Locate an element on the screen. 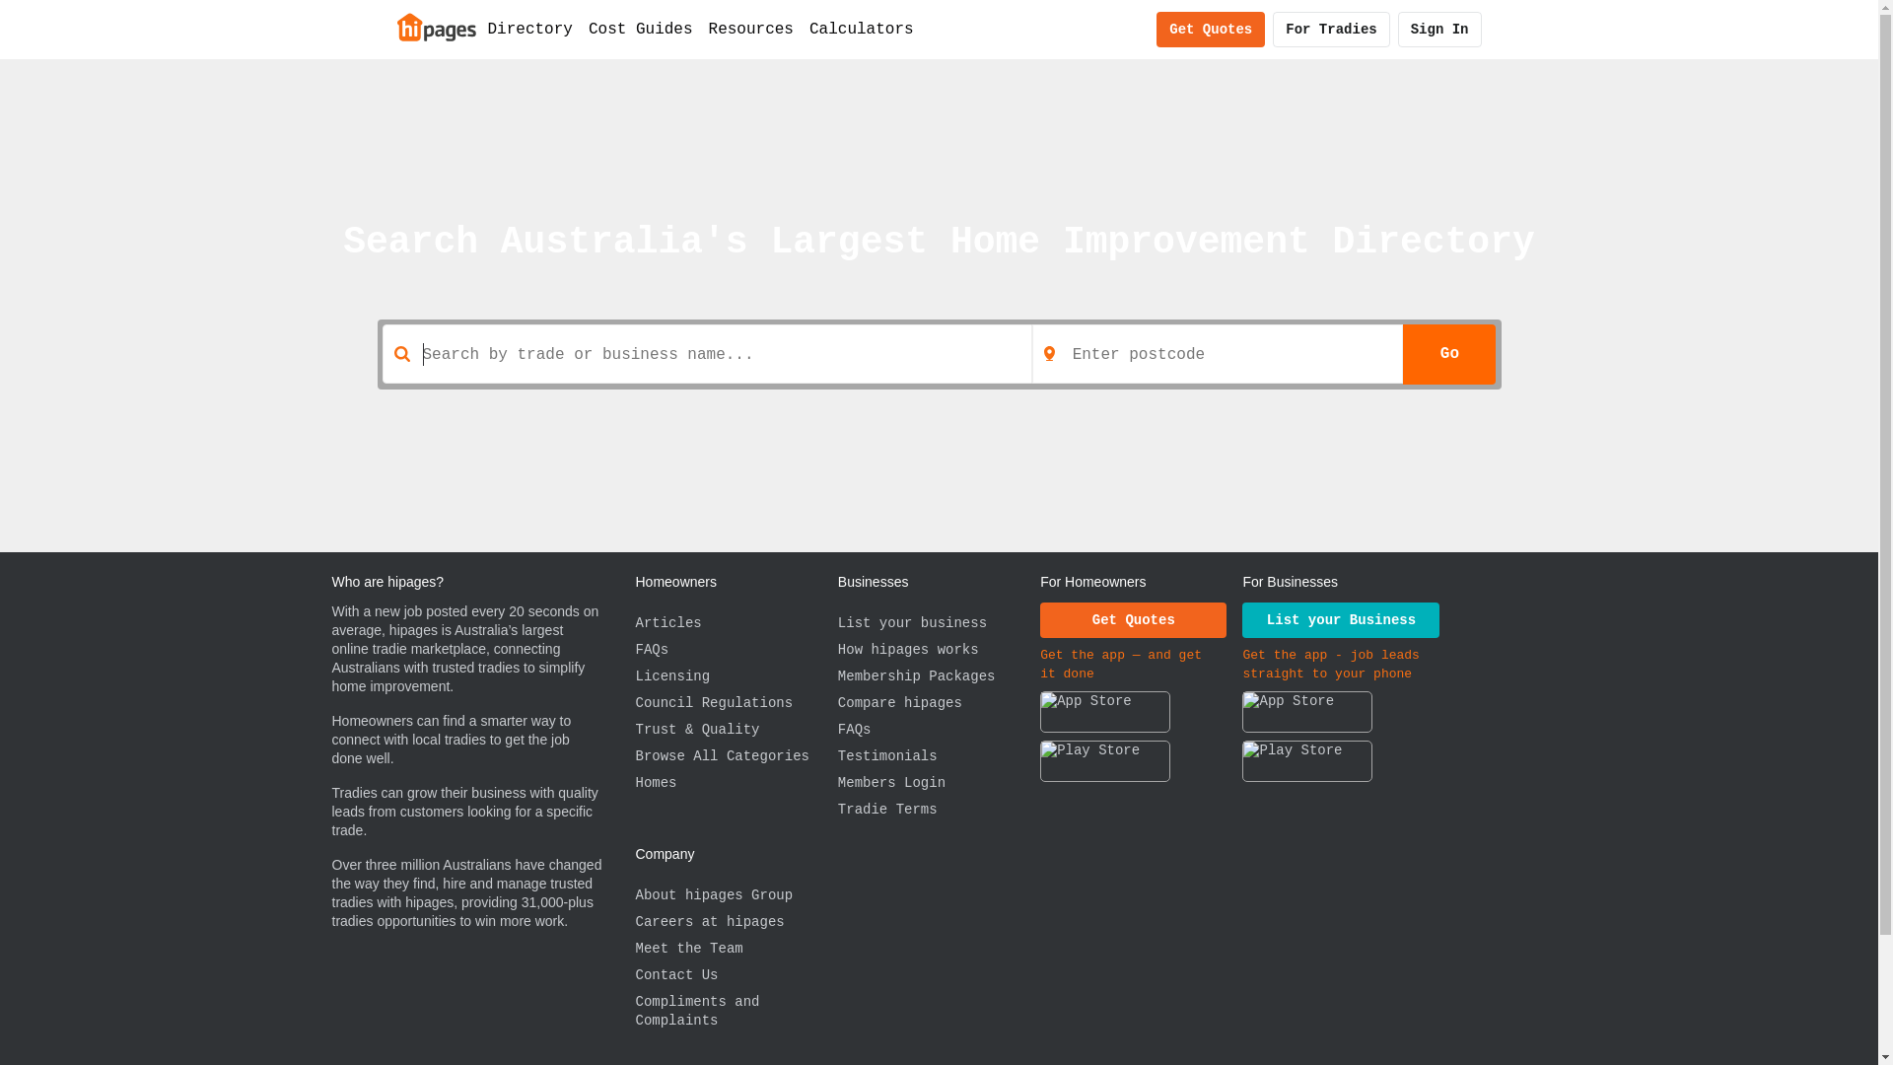 This screenshot has width=1893, height=1065. 'Resources' is located at coordinates (750, 30).